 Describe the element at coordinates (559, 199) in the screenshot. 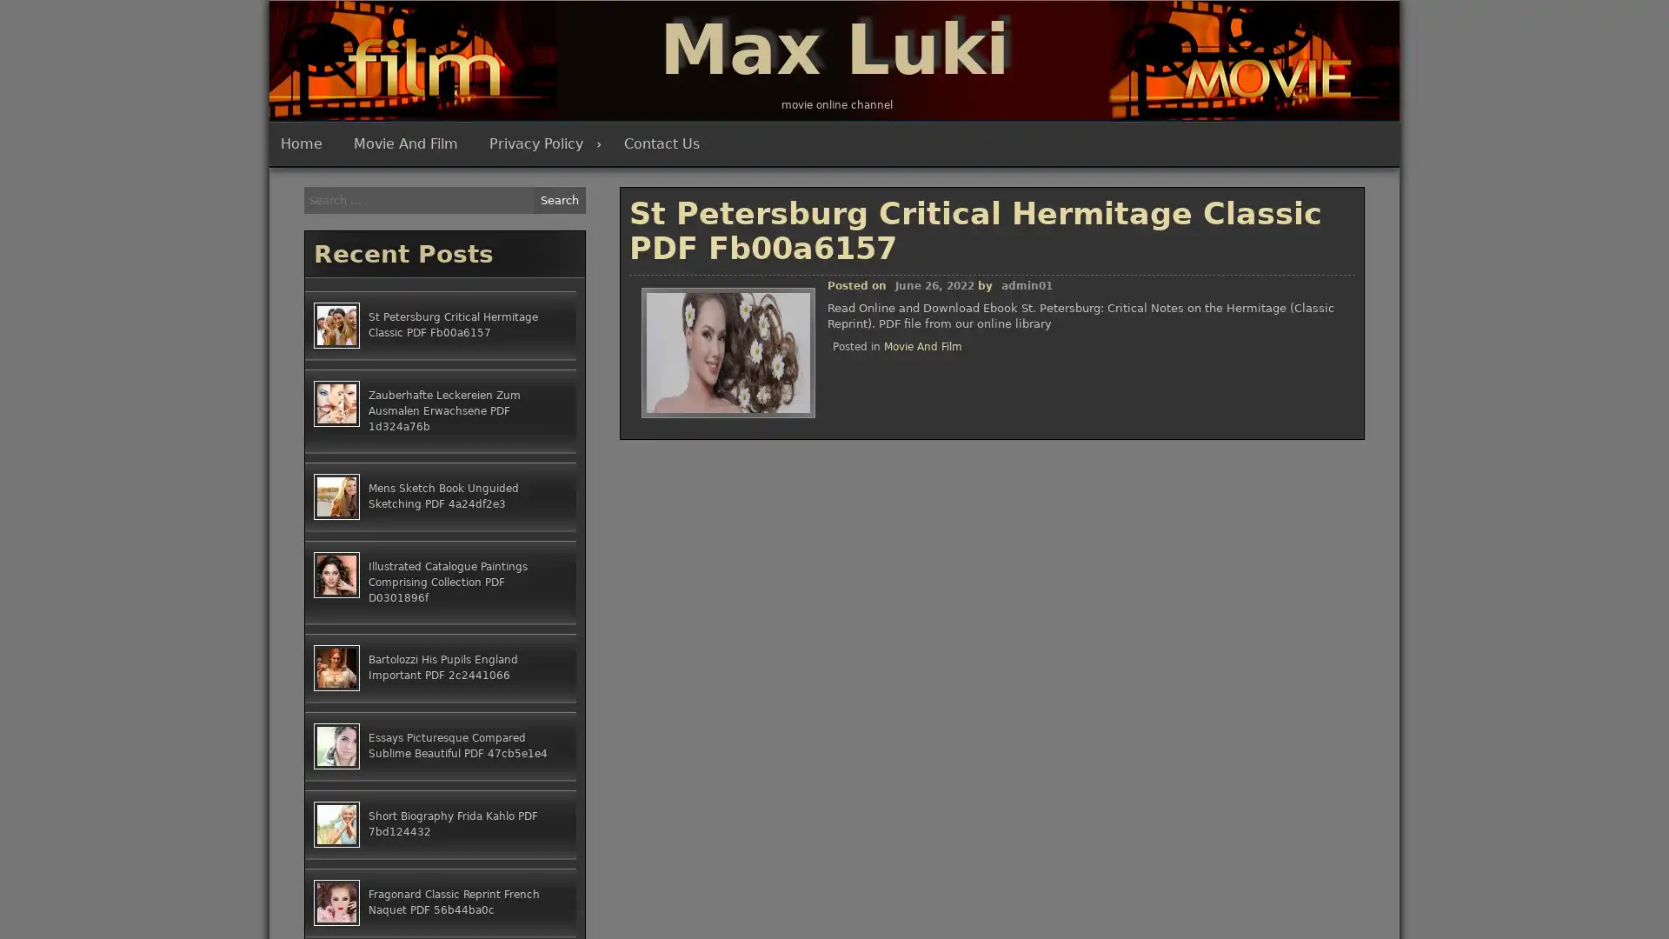

I see `Search` at that location.